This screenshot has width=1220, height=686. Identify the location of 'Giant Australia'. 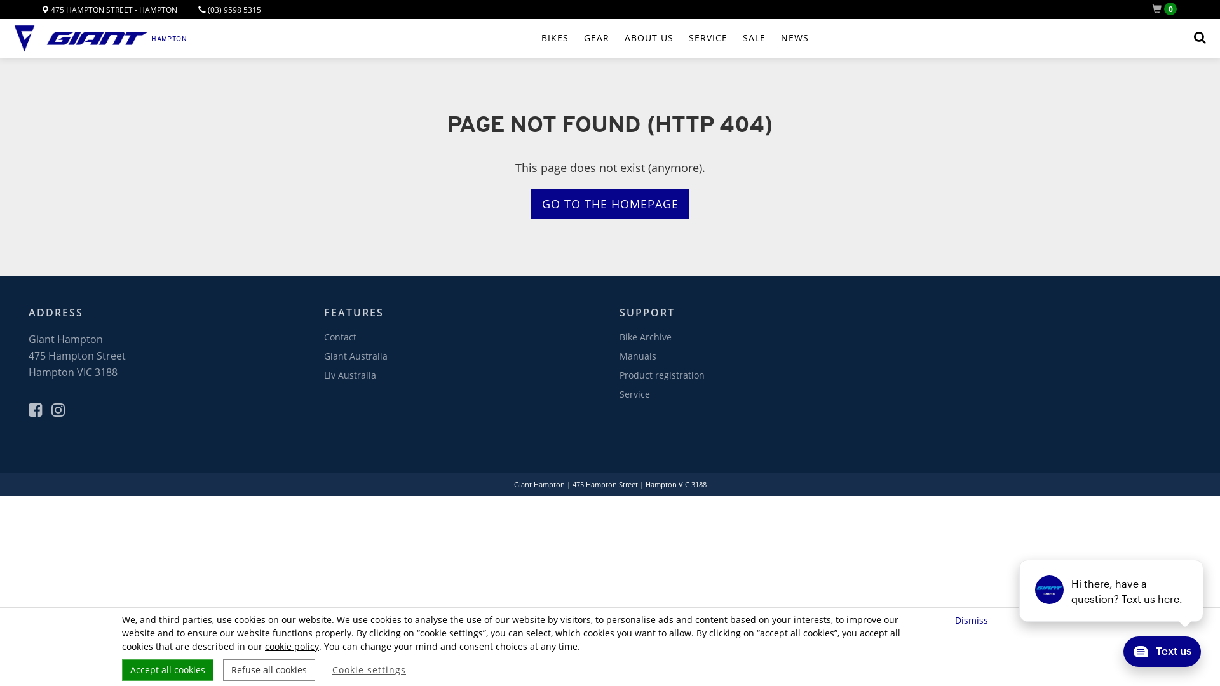
(356, 356).